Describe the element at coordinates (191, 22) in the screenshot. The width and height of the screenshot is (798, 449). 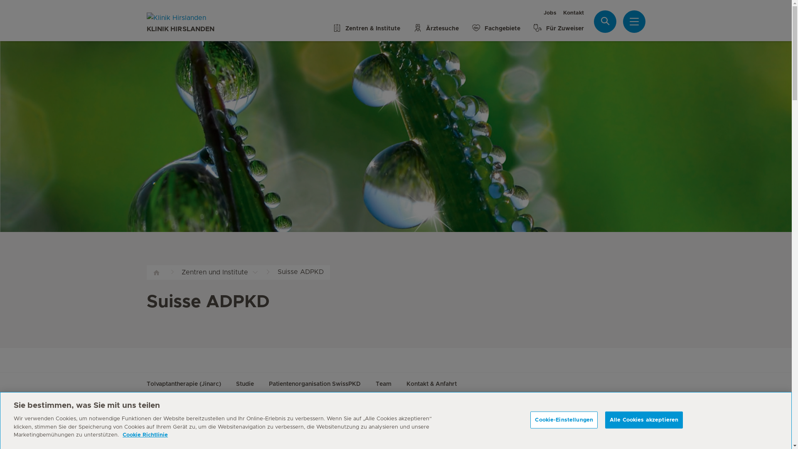
I see `'KLINIK HIRSLANDEN'` at that location.